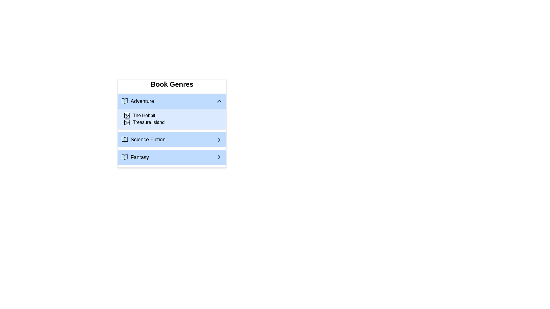 The width and height of the screenshot is (550, 309). I want to click on the Text Label that serves as a header for a section or category, so click(137, 101).